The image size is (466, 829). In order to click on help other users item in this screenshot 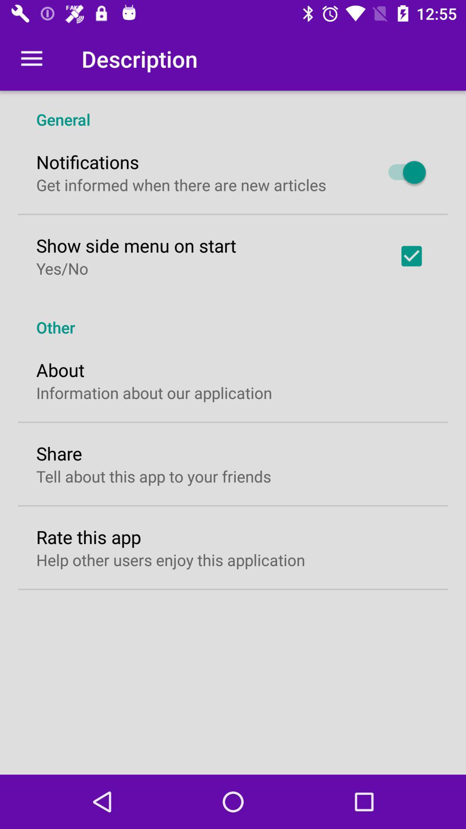, I will do `click(170, 560)`.